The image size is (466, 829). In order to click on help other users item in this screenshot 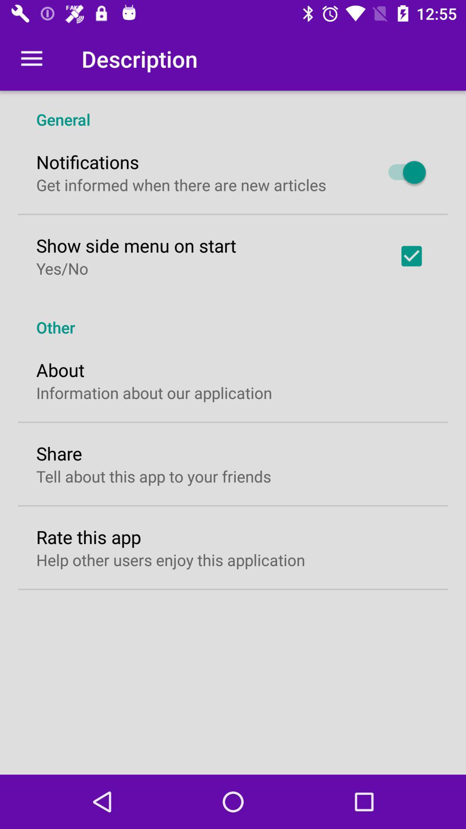, I will do `click(170, 560)`.